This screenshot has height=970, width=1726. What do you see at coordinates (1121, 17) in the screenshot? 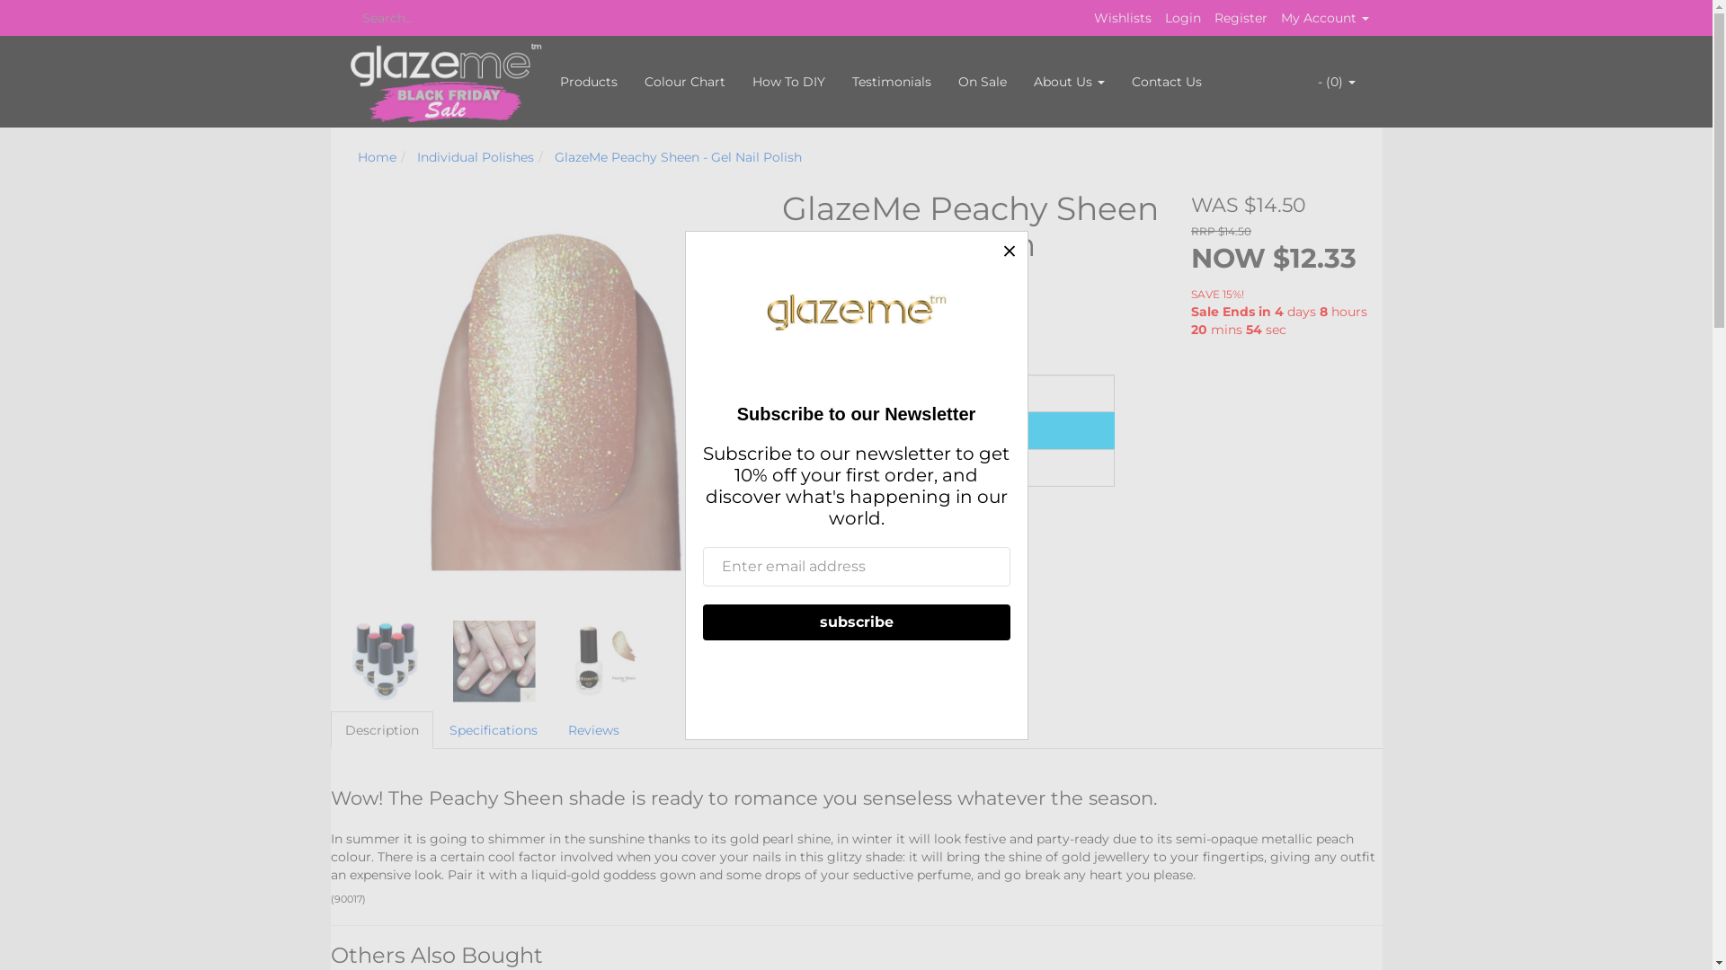
I see `'Wishlists'` at bounding box center [1121, 17].